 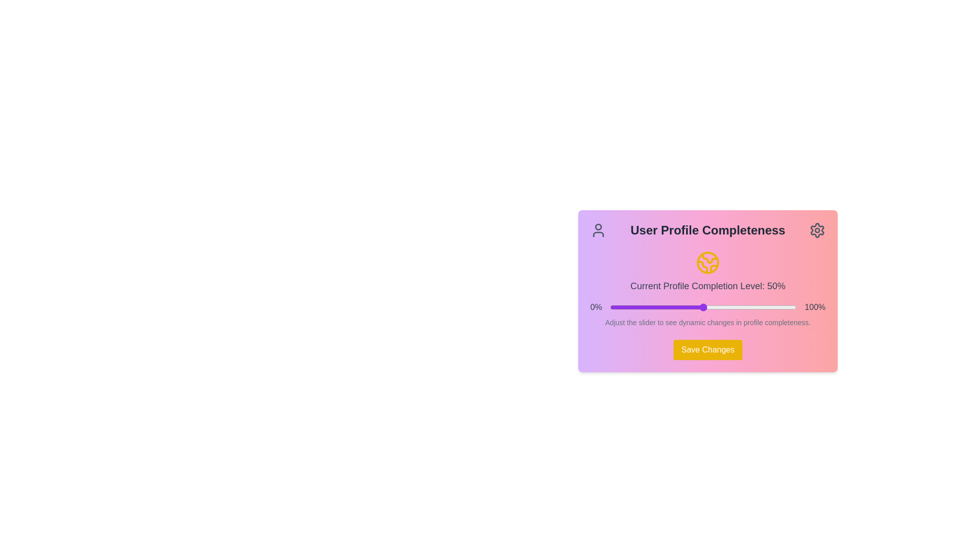 I want to click on the static informational header labeled 'User Profile Completeness' which is located at the top of the panel and has user and settings icons on either side, so click(x=707, y=230).